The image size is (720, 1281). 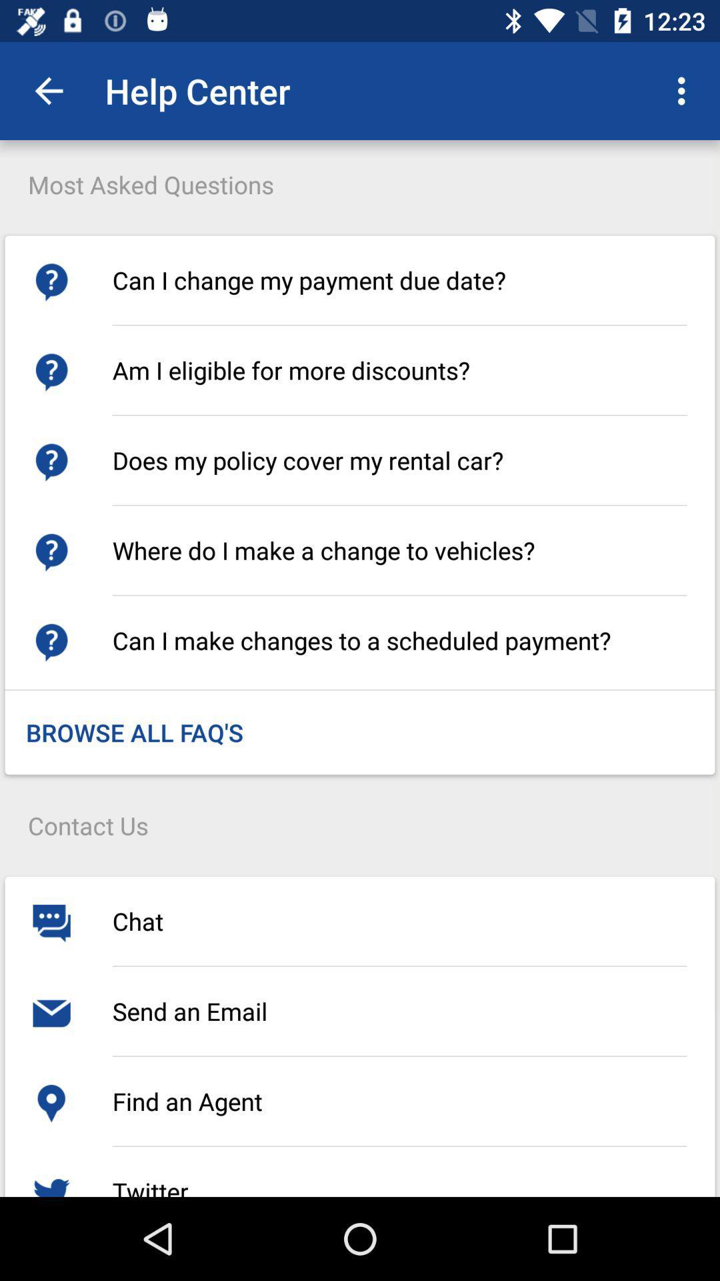 I want to click on the icon to the right of the most asked questions item, so click(x=685, y=90).